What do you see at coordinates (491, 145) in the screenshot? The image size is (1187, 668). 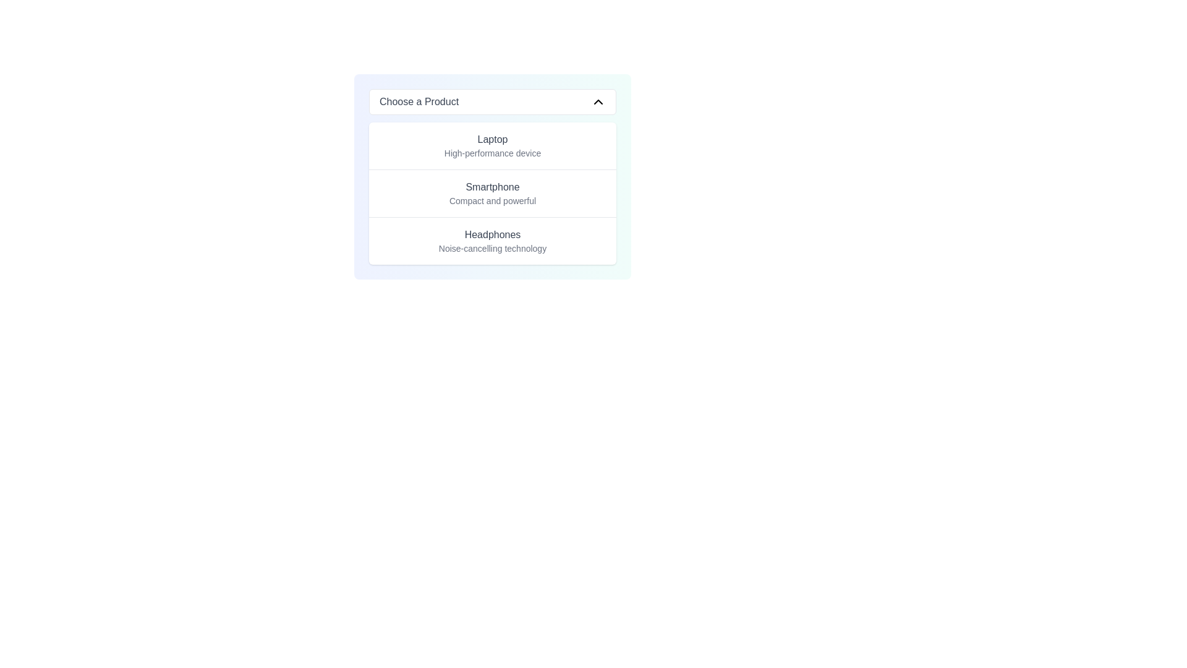 I see `the first selectable list item in the dropdown menu, which features a text heading 'Laptop' and a descriptive phrase 'High-performance device'` at bounding box center [491, 145].